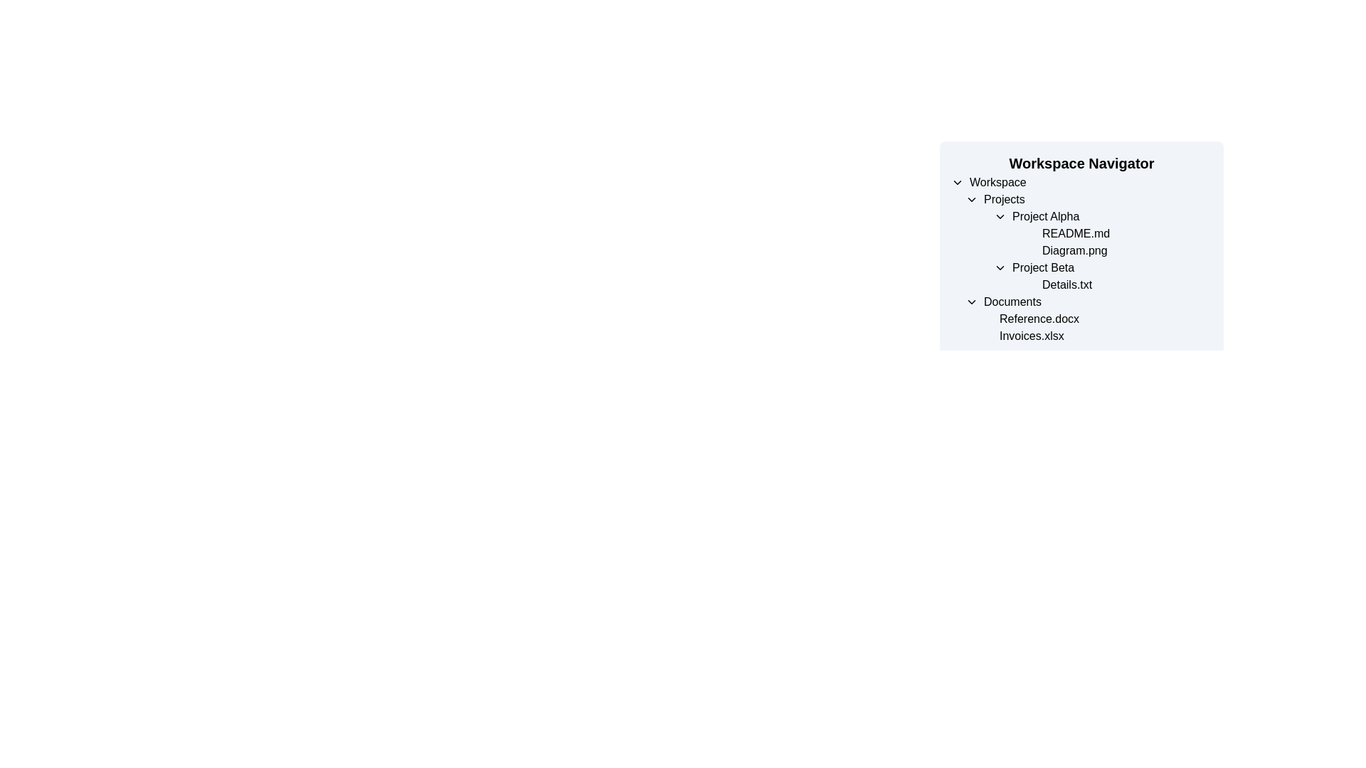  Describe the element at coordinates (971, 200) in the screenshot. I see `the Chevron icon located to the left of the 'Projects' text` at that location.